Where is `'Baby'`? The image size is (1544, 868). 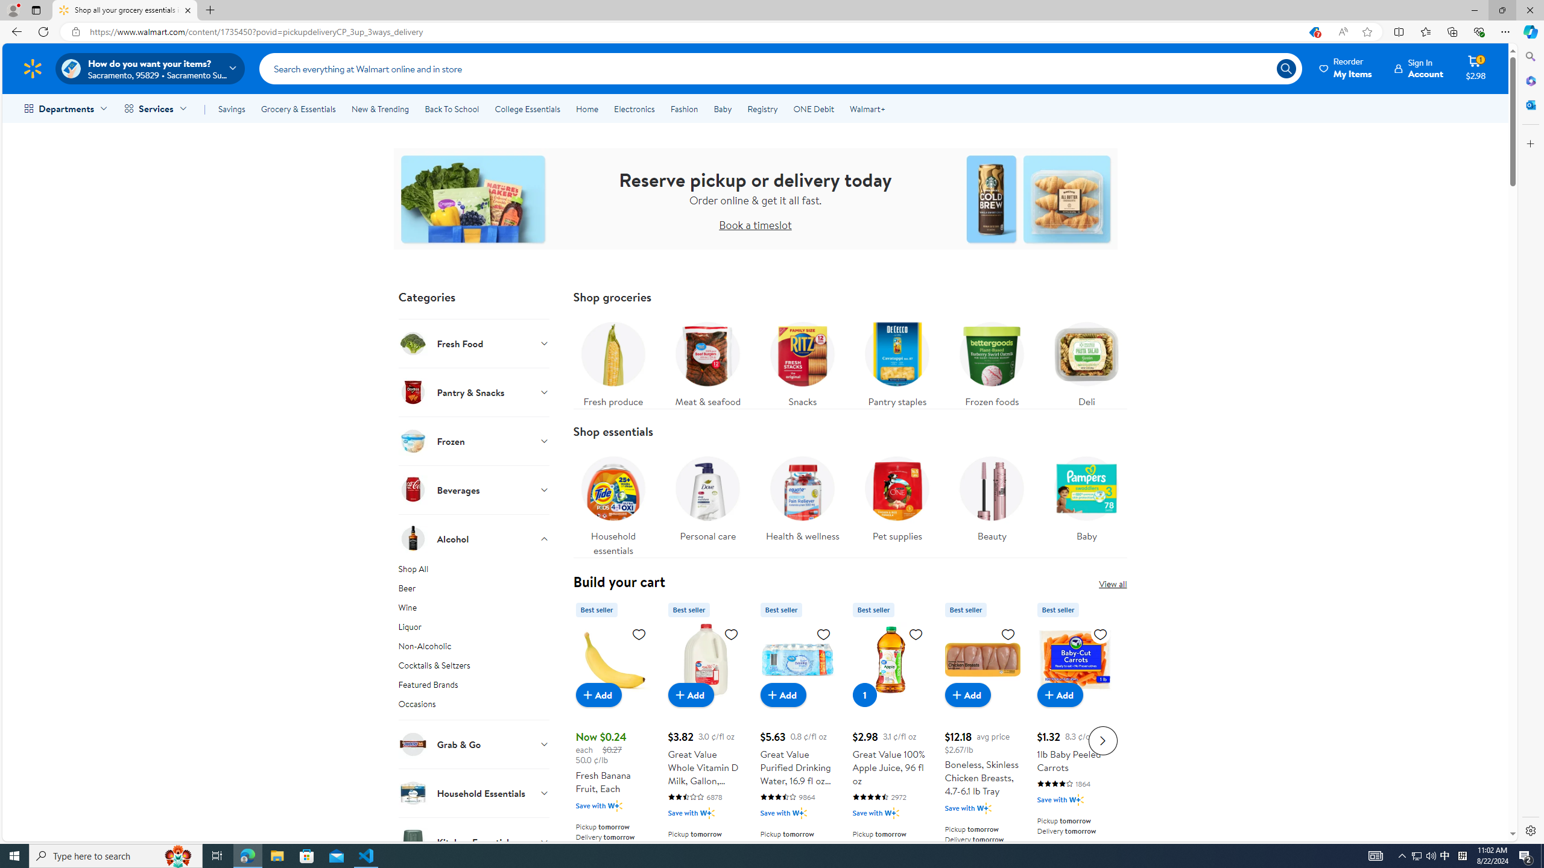
'Baby' is located at coordinates (1086, 495).